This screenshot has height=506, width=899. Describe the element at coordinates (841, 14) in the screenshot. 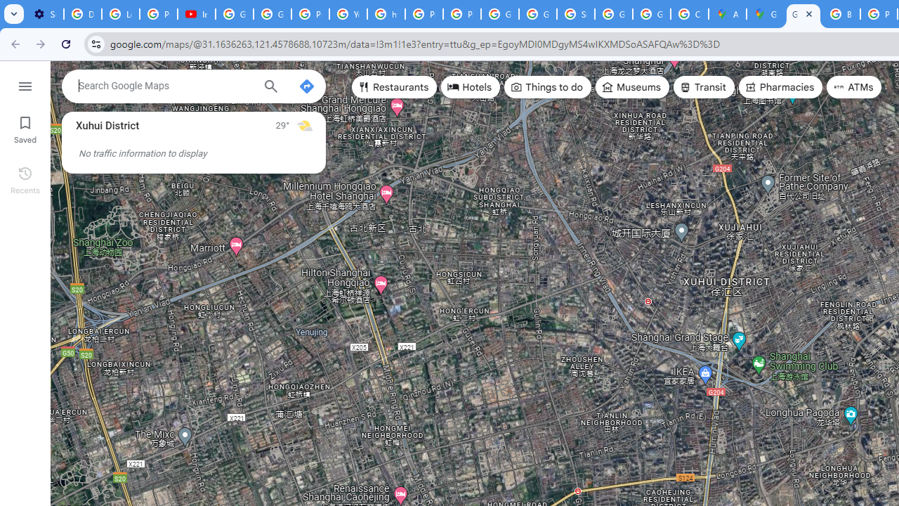

I see `'Blogger Policies and Guidelines - Transparency Center'` at that location.